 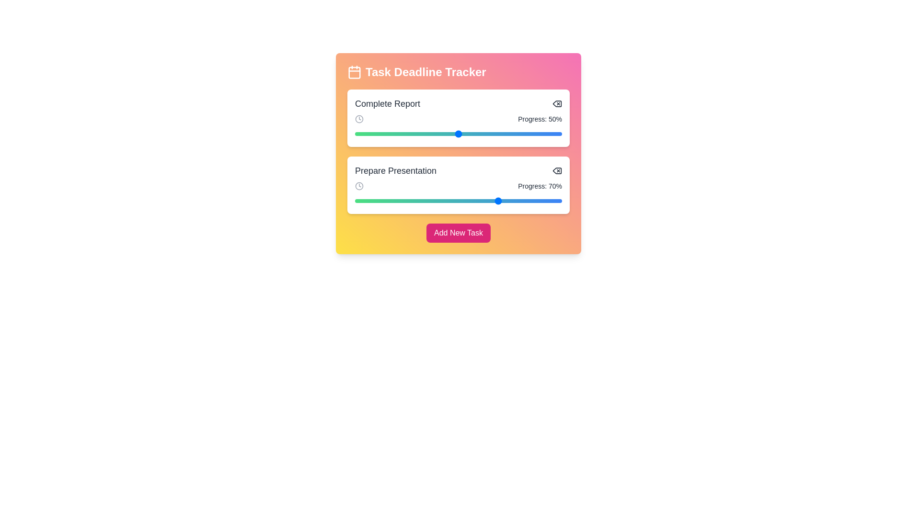 I want to click on the slider for a task to set its progress to 55%, so click(x=469, y=134).